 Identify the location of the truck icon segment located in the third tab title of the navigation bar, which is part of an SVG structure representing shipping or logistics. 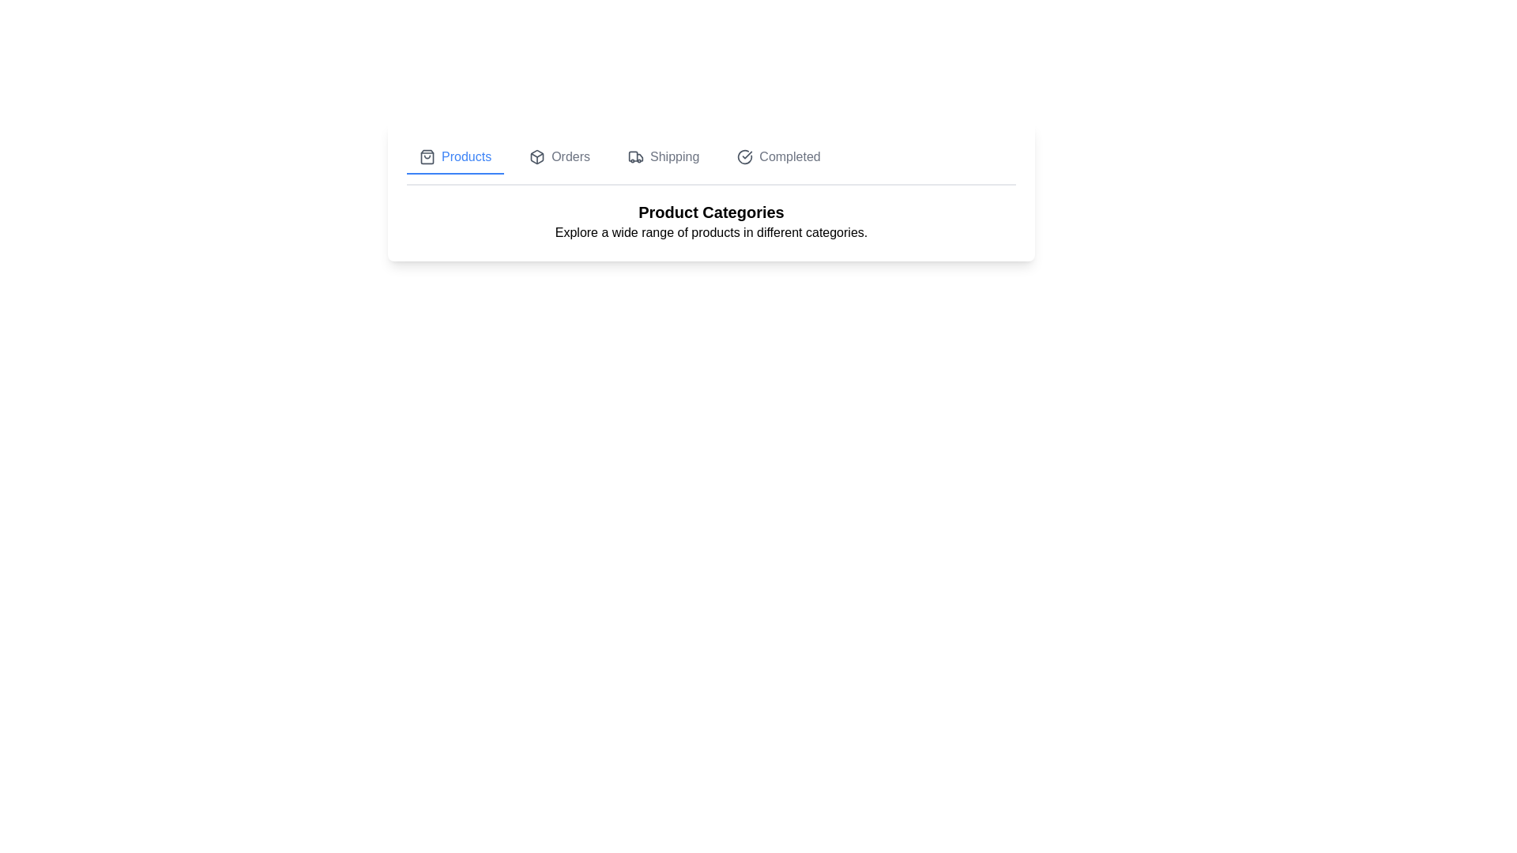
(633, 156).